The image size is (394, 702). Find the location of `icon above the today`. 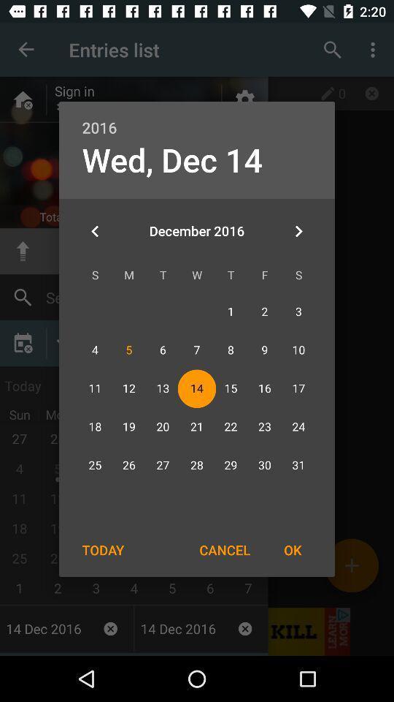

icon above the today is located at coordinates (95, 231).